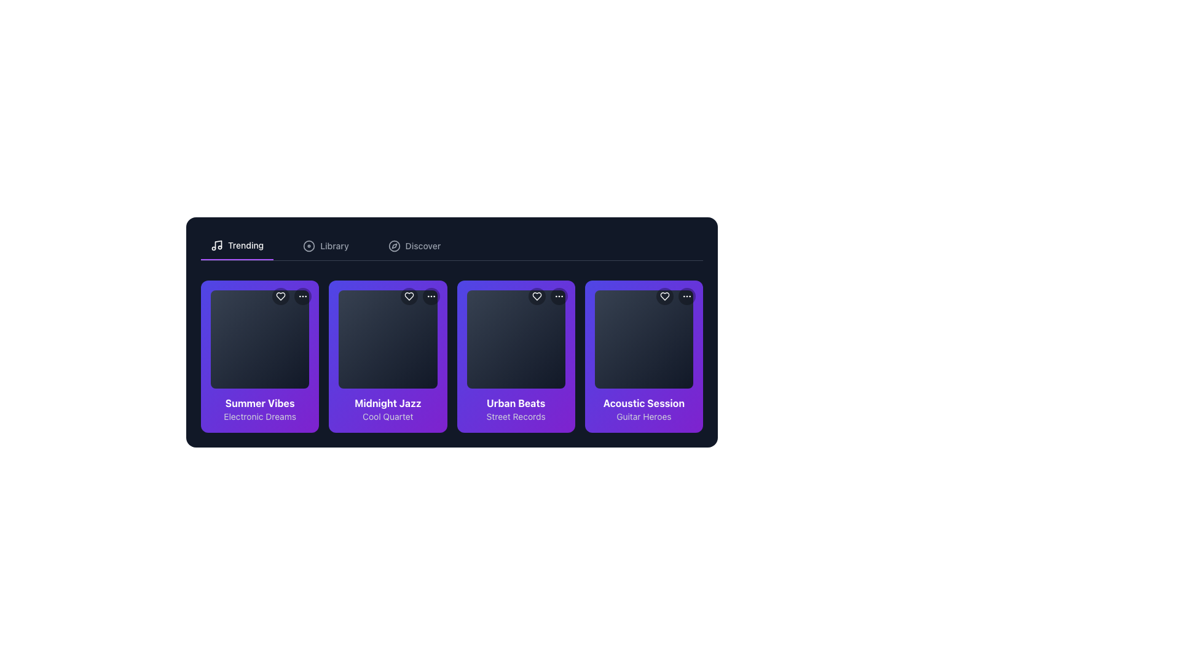  I want to click on the square-shaped card with rounded corners and a gradient background located within the 'Midnight Jazz' card under the 'Trending' category, so click(387, 339).